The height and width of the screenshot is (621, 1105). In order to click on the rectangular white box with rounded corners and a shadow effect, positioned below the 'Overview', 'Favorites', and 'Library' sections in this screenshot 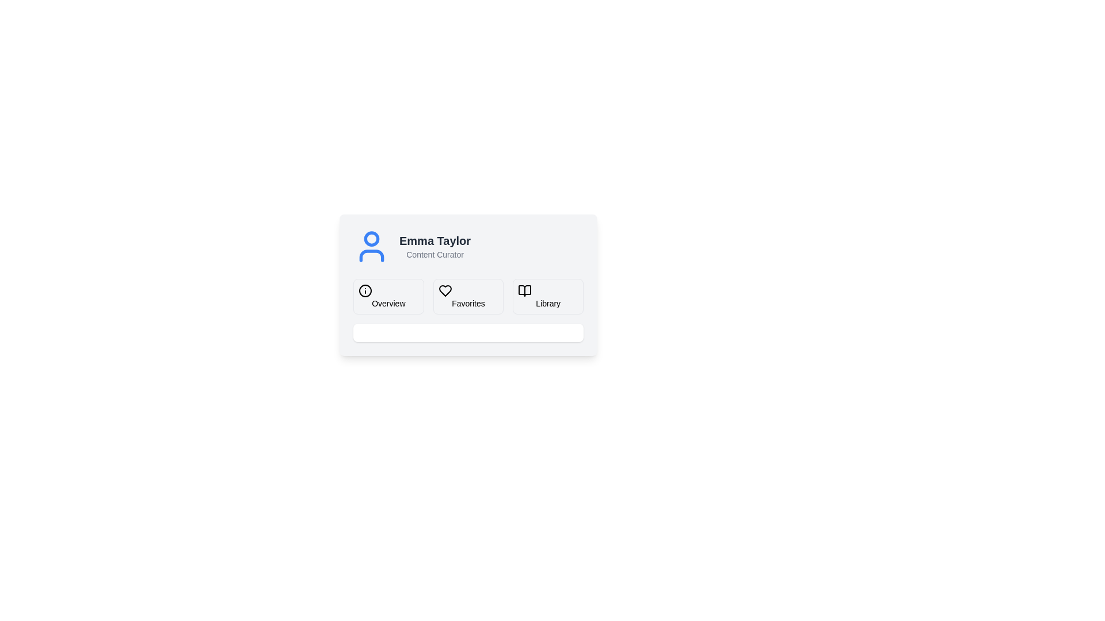, I will do `click(468, 332)`.